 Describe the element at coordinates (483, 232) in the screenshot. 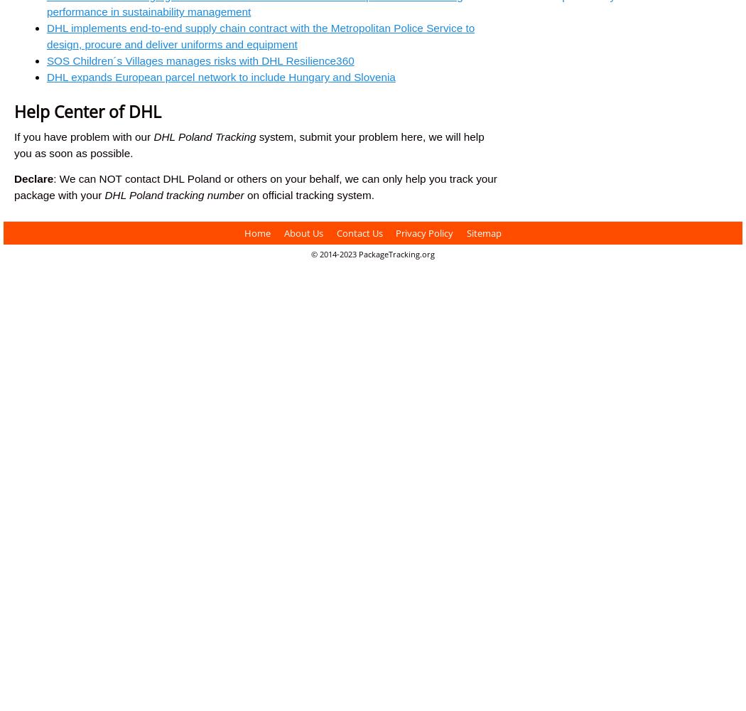

I see `'Sitemap'` at that location.